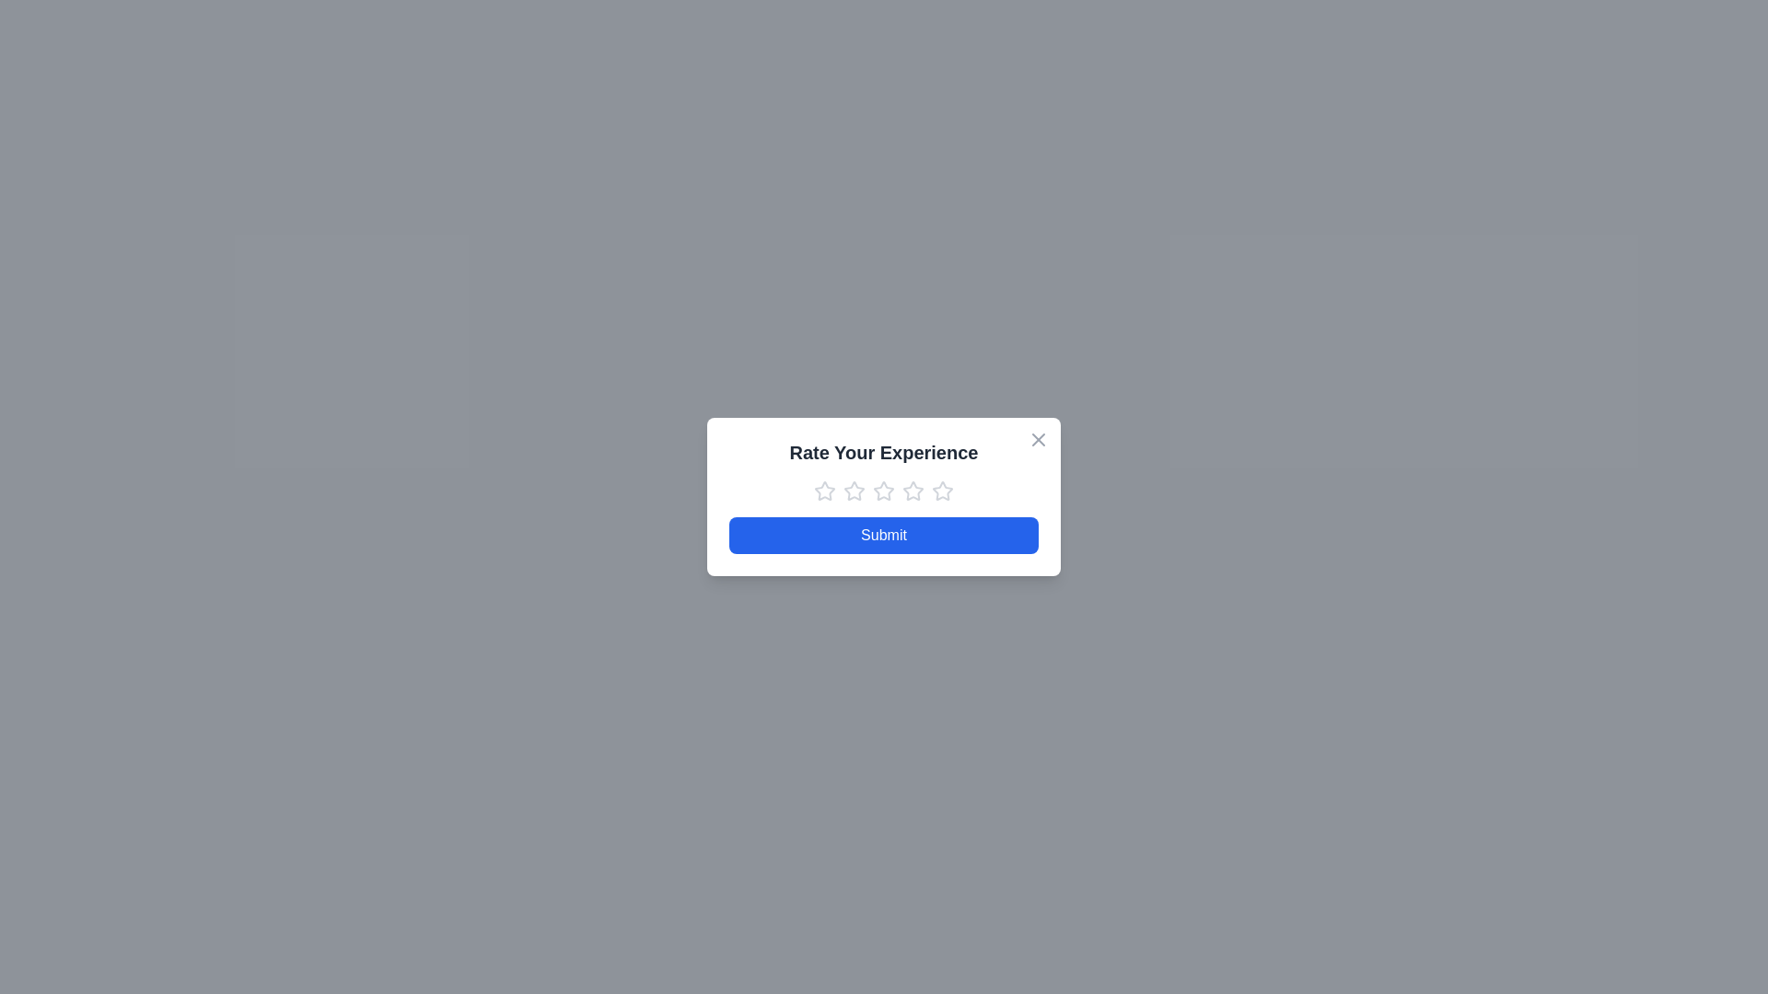  I want to click on the star corresponding to 2 to preview the rating, so click(853, 490).